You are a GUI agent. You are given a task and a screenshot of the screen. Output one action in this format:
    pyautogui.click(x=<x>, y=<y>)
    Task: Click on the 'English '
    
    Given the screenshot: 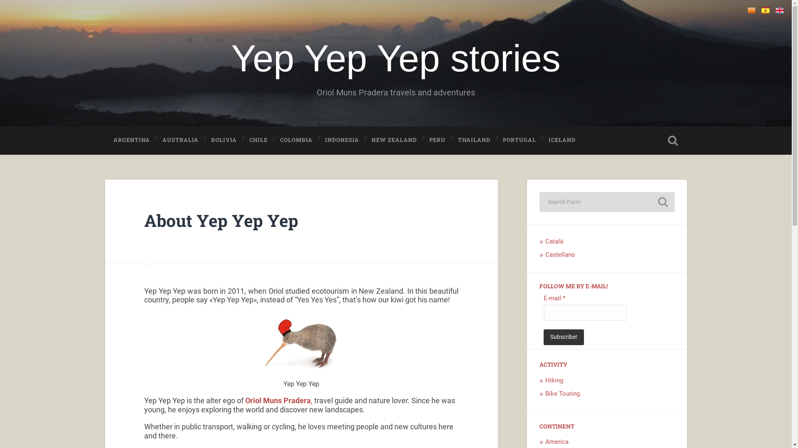 What is the action you would take?
    pyautogui.click(x=779, y=10)
    